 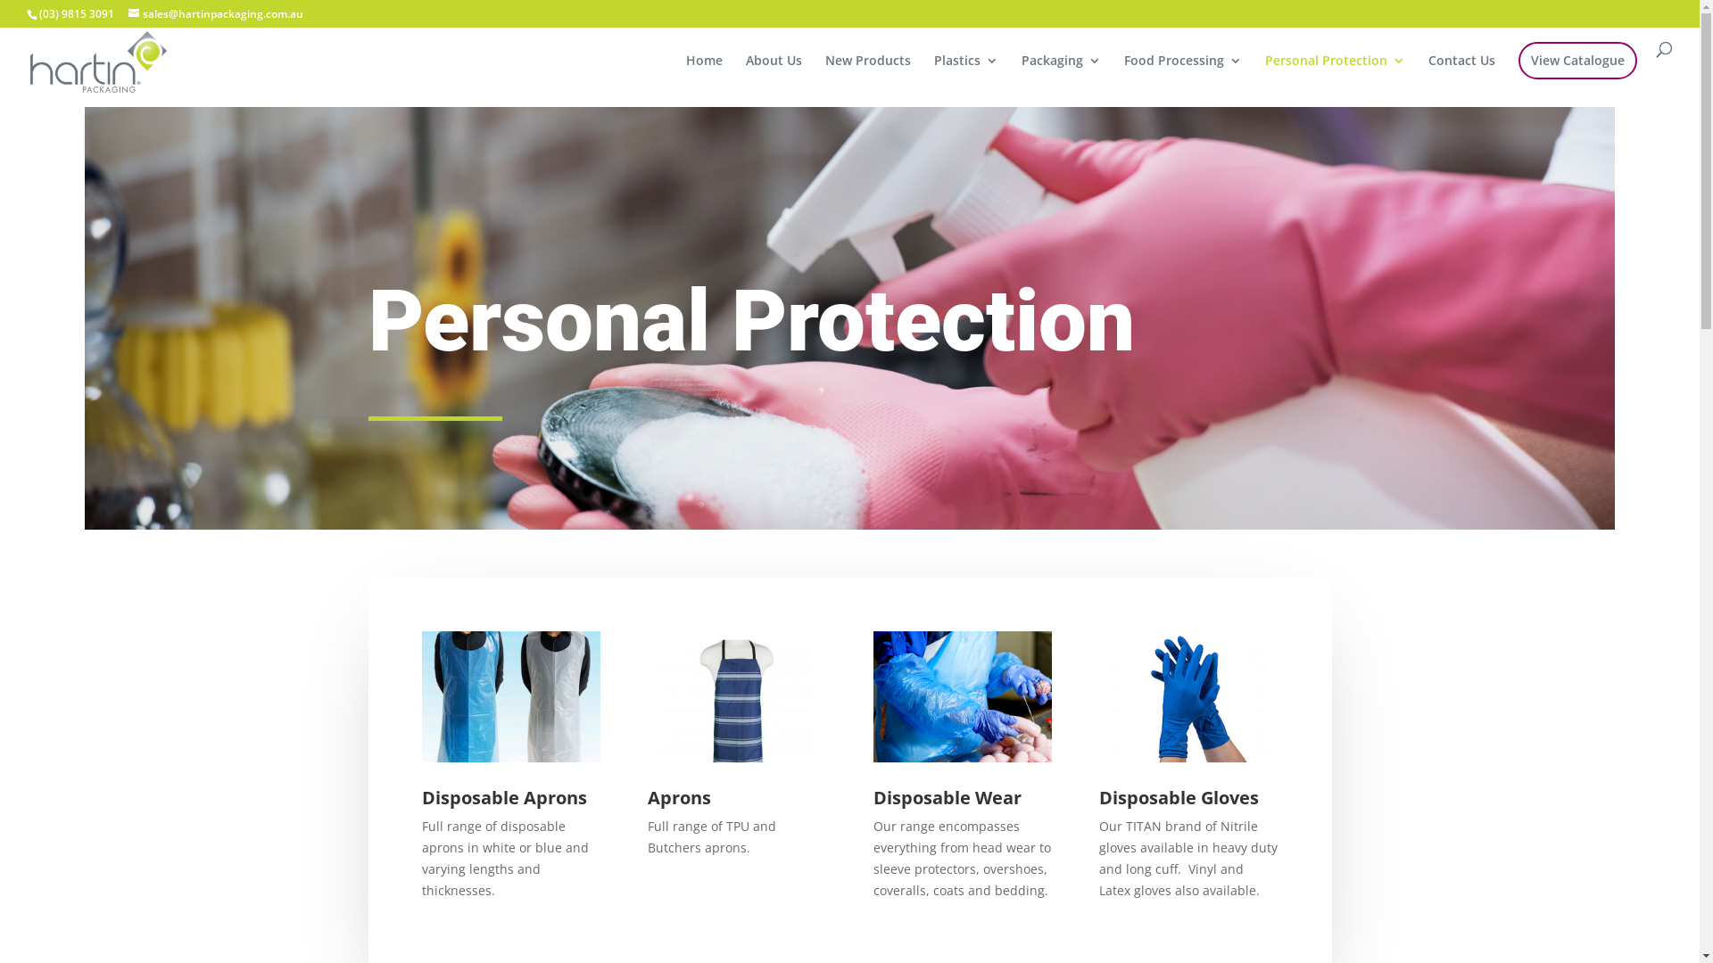 What do you see at coordinates (774, 74) in the screenshot?
I see `'About Us'` at bounding box center [774, 74].